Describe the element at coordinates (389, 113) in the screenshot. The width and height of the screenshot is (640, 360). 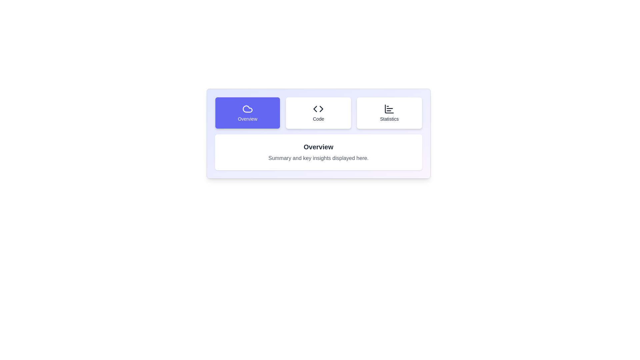
I see `the Statistics tab by clicking on its button` at that location.